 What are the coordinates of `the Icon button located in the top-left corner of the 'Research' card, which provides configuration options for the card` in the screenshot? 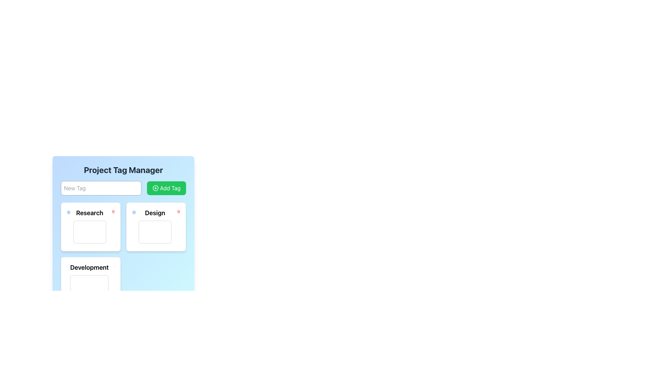 It's located at (68, 212).